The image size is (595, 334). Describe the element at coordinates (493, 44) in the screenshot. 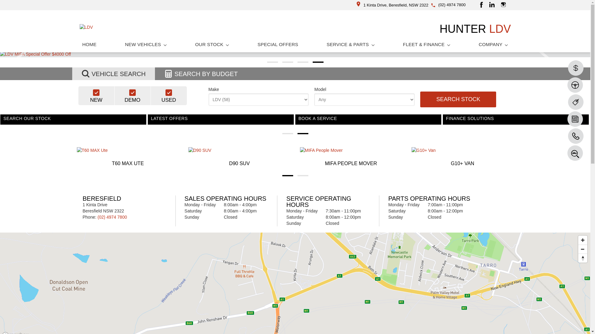

I see `'COMPANY'` at that location.